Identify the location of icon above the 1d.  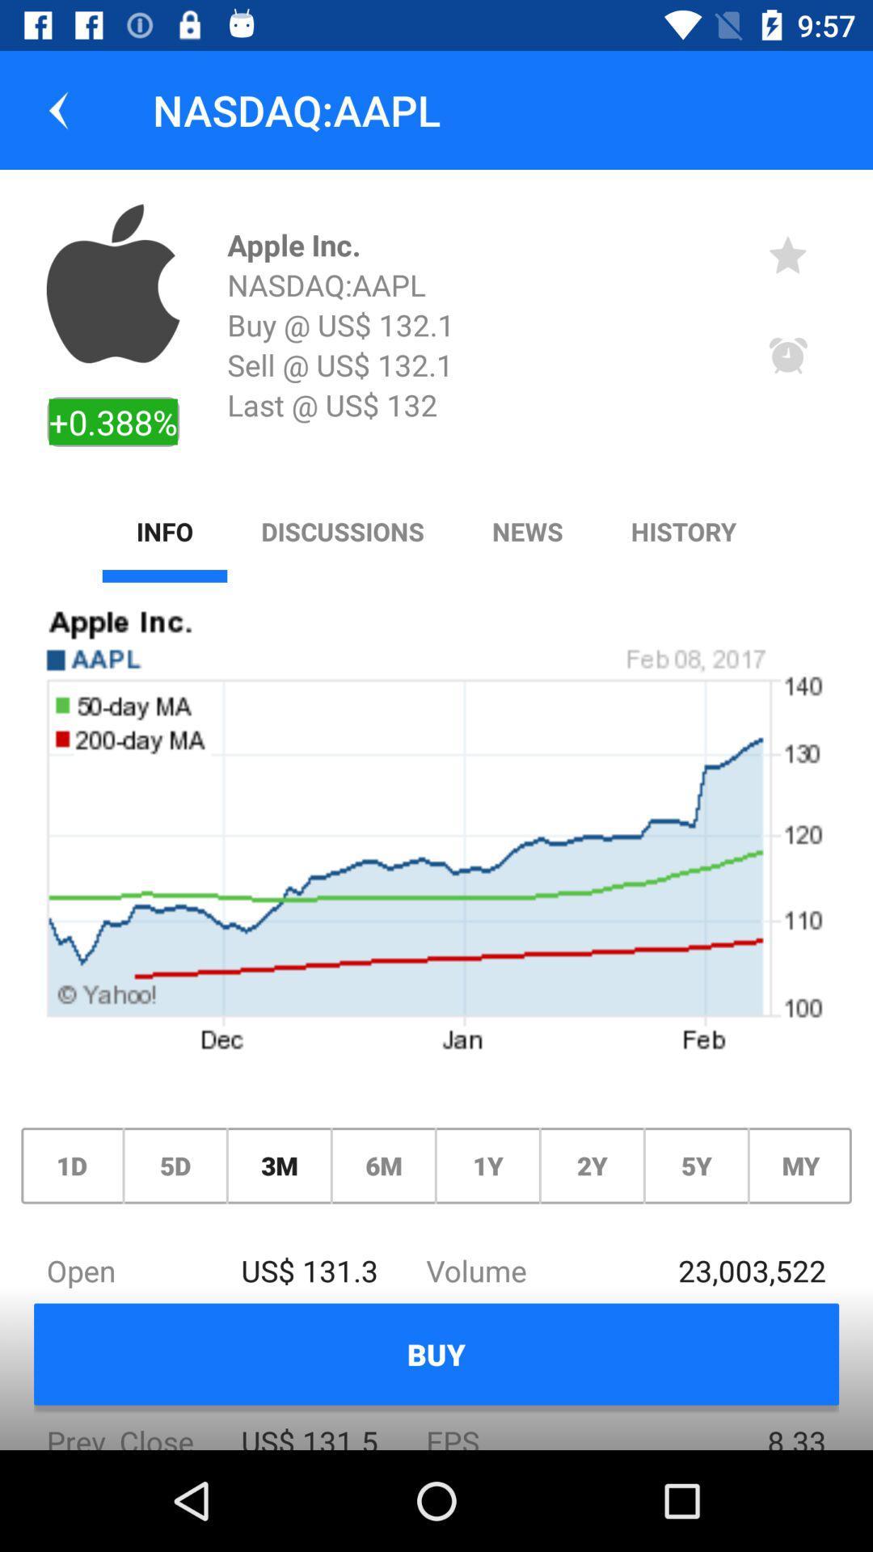
(436, 837).